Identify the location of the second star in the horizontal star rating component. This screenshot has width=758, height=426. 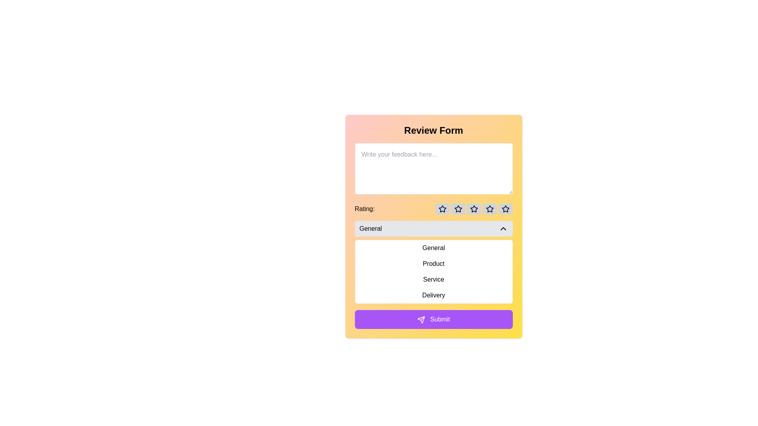
(458, 208).